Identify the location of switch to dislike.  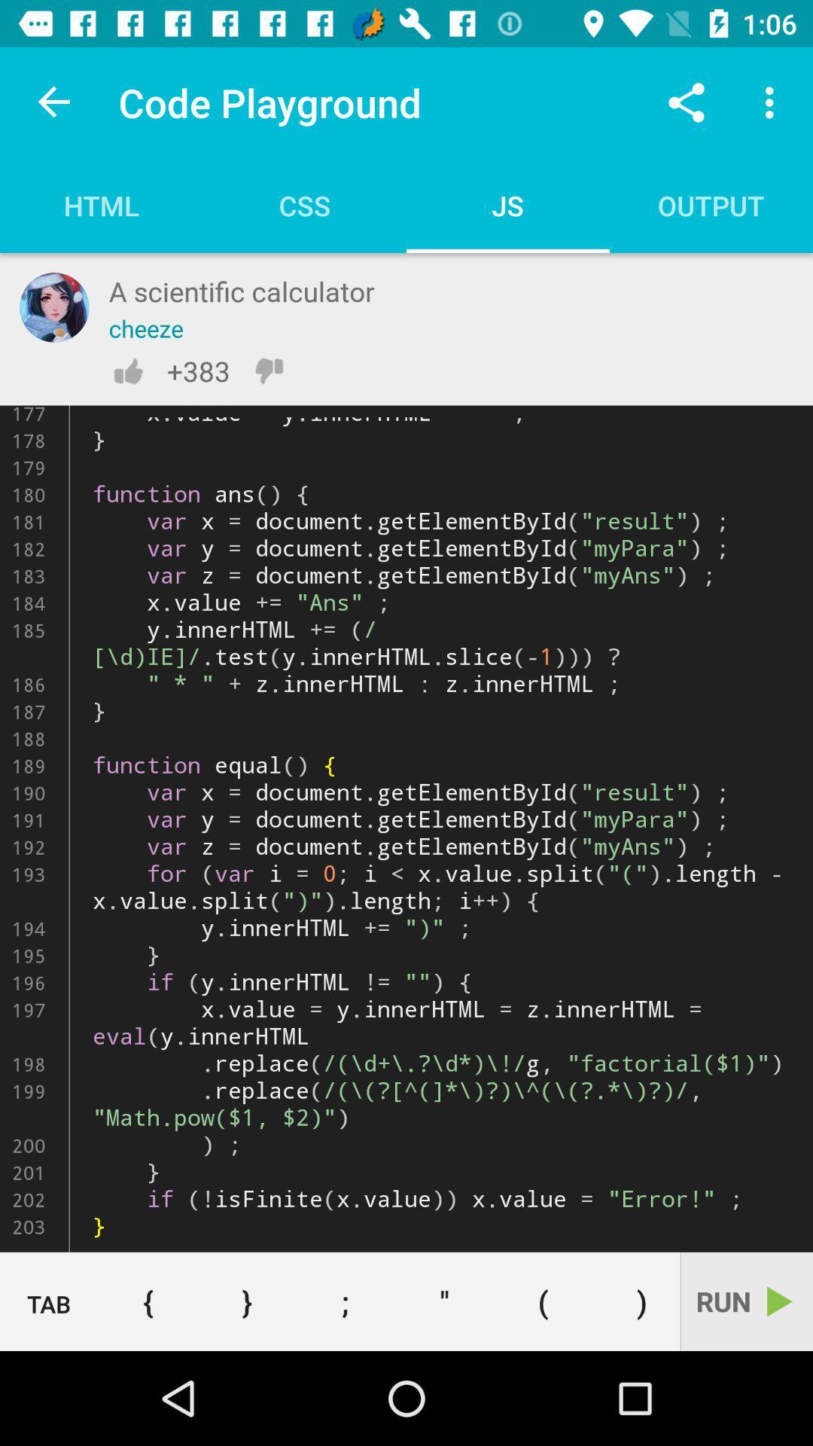
(268, 371).